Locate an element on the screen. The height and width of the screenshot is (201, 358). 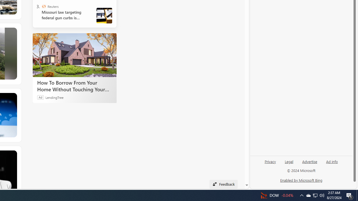
'Legal' is located at coordinates (289, 163).